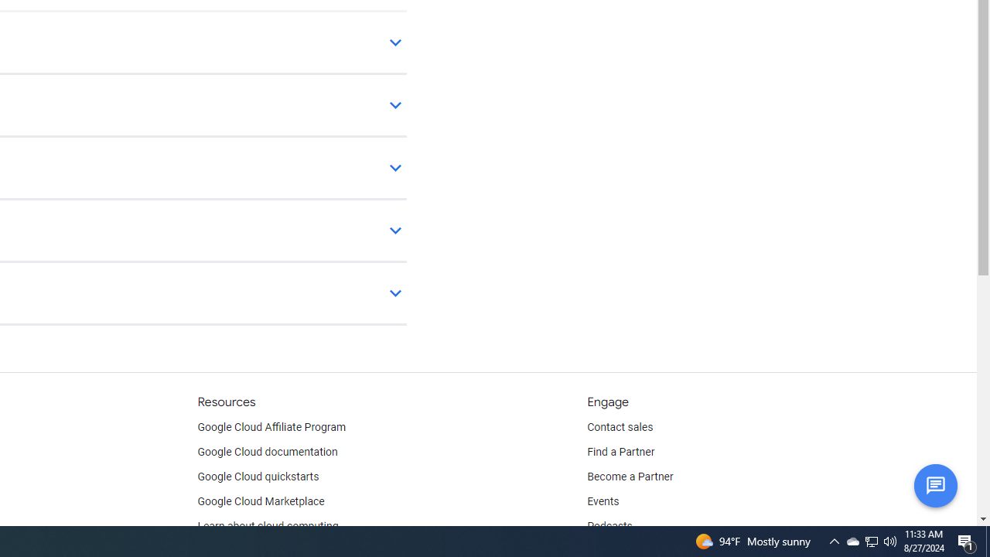  I want to click on 'Learn about cloud computing', so click(268, 526).